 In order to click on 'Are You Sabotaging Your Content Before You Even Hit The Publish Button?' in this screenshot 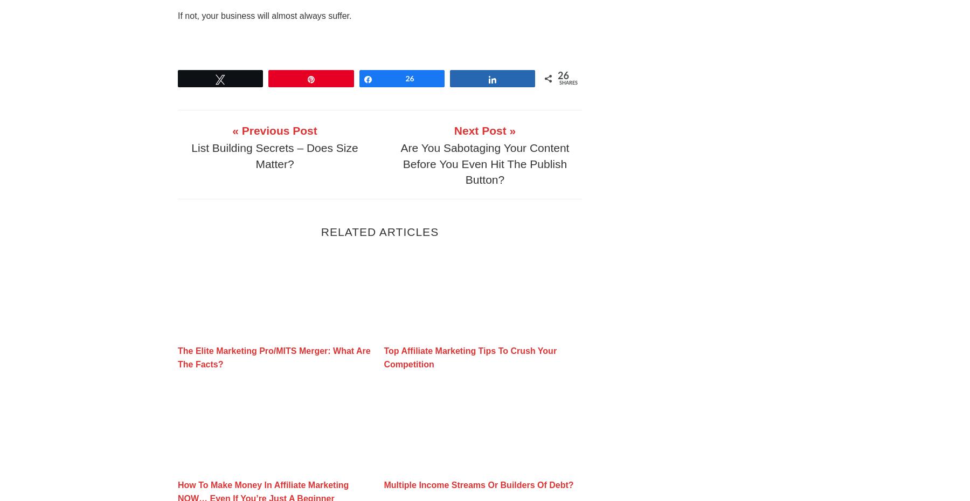, I will do `click(484, 164)`.